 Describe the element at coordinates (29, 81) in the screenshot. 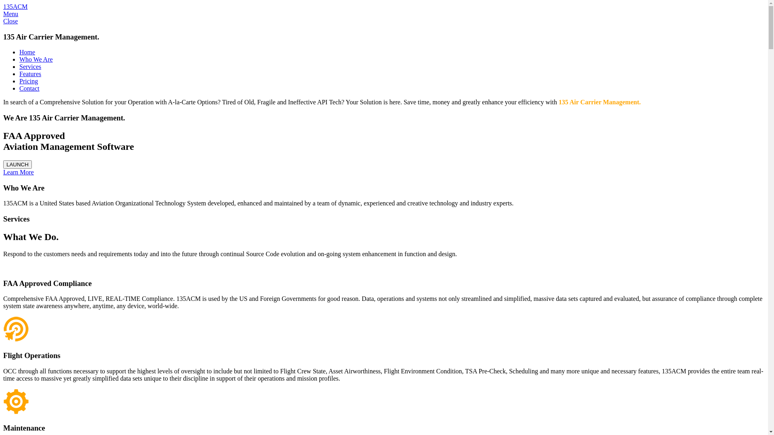

I see `'Pricing'` at that location.